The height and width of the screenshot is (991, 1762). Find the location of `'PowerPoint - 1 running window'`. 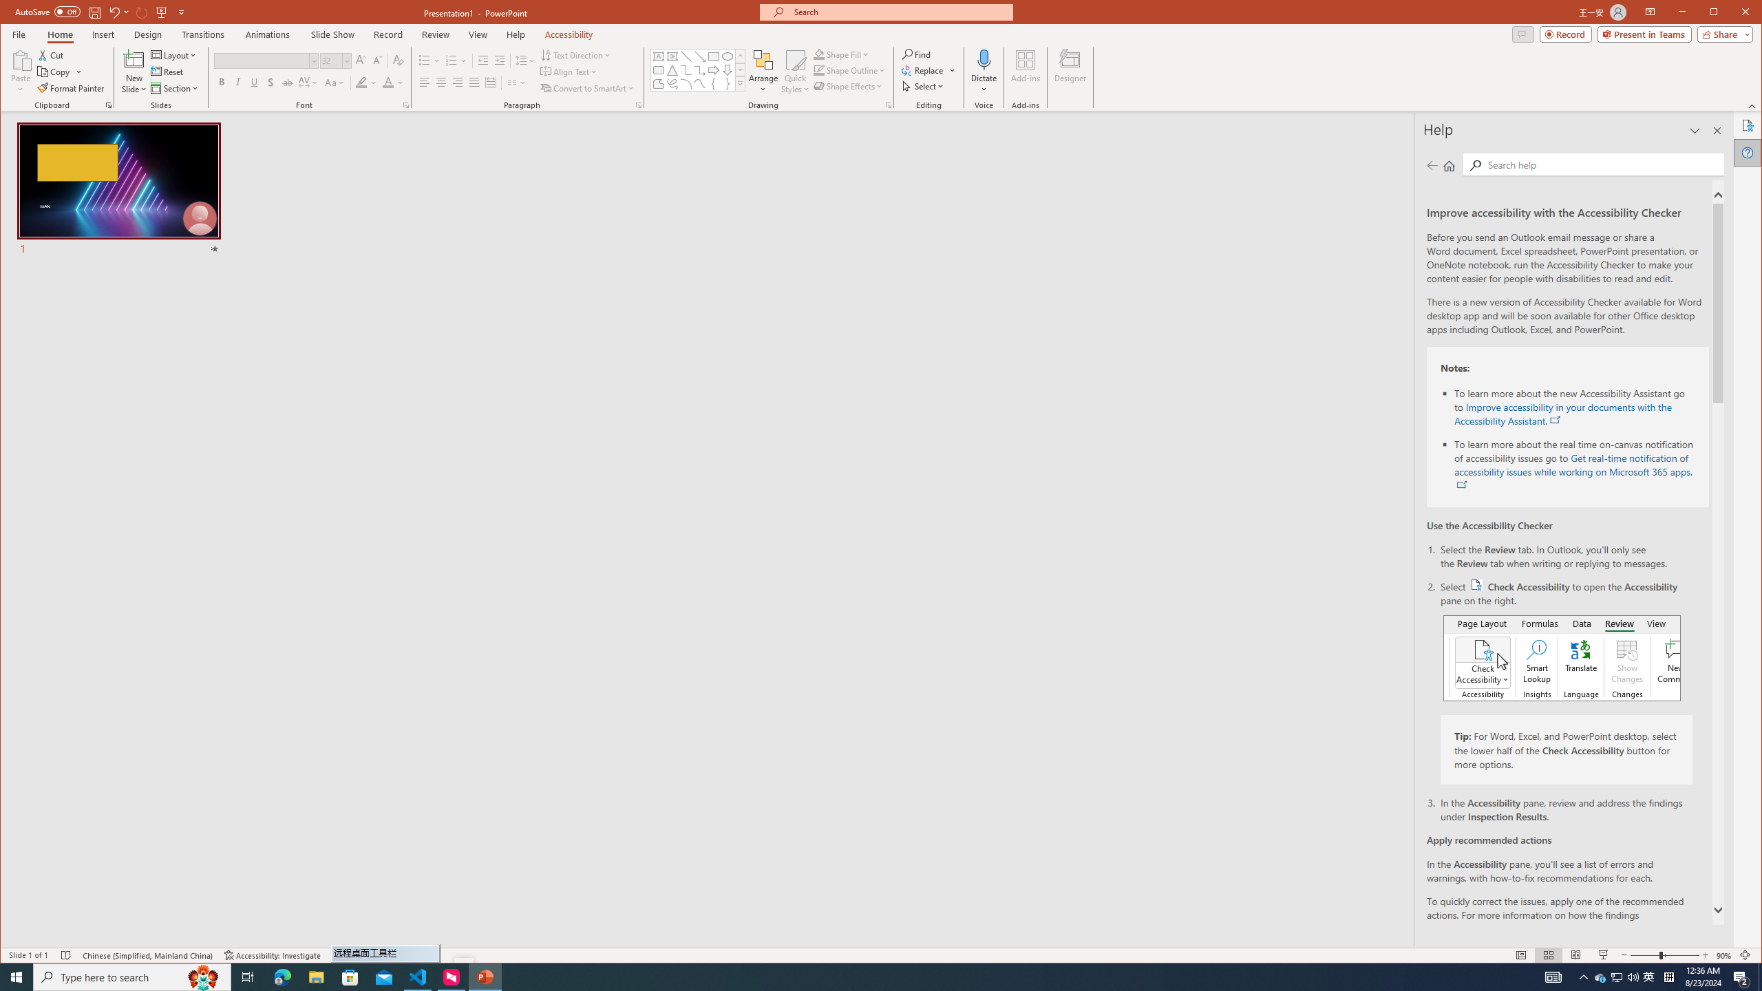

'PowerPoint - 1 running window' is located at coordinates (485, 976).